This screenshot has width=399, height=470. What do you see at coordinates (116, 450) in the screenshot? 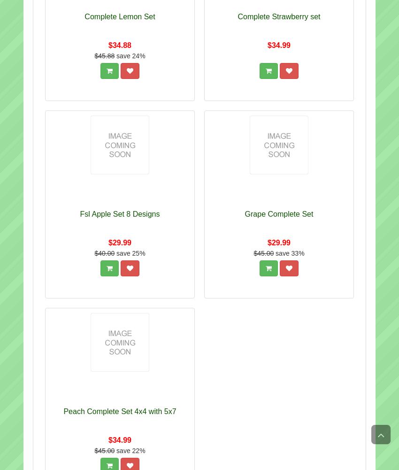
I see `'save  22%'` at bounding box center [116, 450].